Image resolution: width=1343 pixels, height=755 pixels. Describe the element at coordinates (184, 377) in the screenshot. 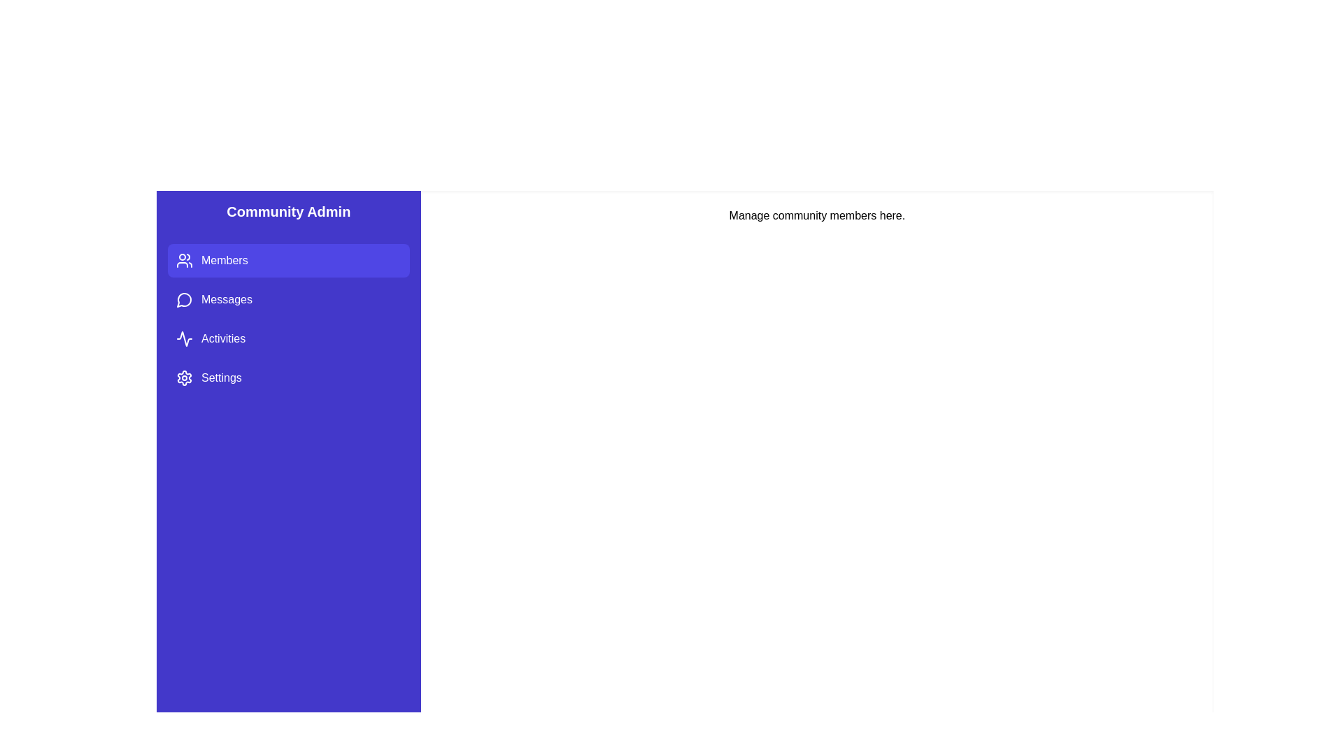

I see `the settings icon, which is the fourth element in the vertical navigation bar on the left side of the interface` at that location.